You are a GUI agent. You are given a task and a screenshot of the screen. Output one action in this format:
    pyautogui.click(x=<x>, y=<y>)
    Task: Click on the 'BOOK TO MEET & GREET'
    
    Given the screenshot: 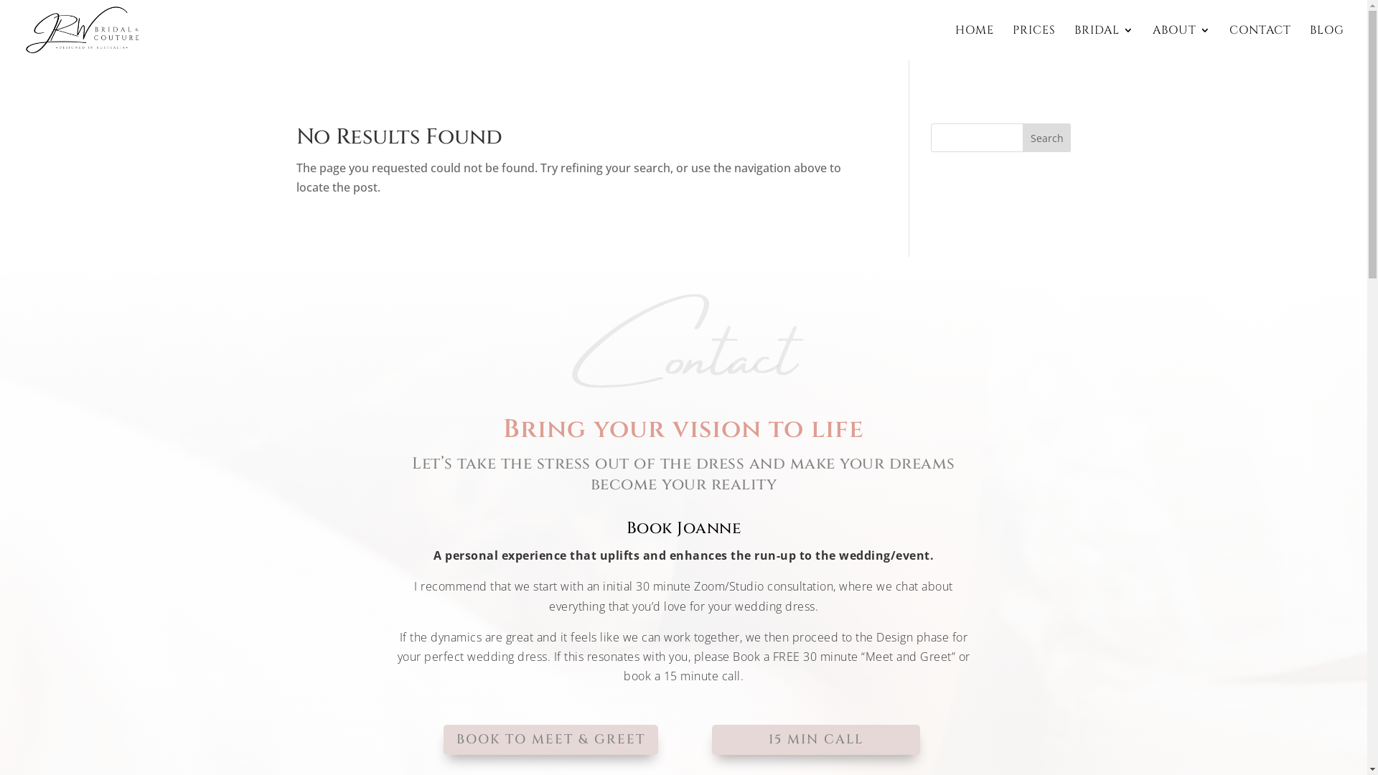 What is the action you would take?
    pyautogui.click(x=550, y=739)
    